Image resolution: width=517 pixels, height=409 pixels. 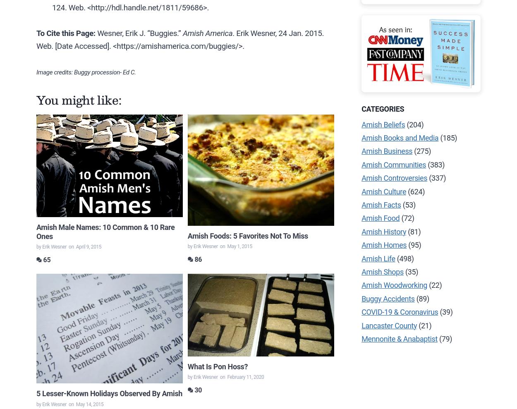 I want to click on 'Mennonite & Anabaptist', so click(x=399, y=338).